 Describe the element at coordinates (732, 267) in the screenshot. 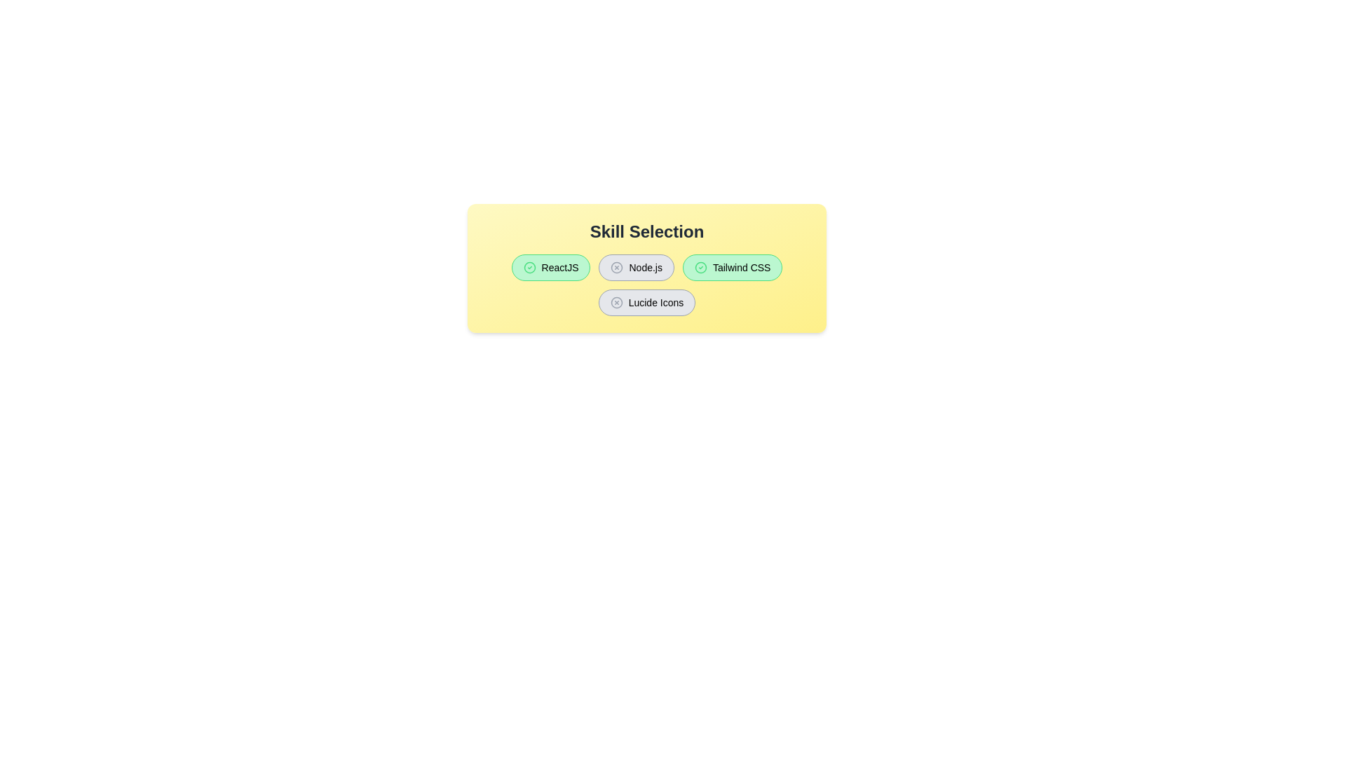

I see `the button labeled Tailwind CSS to observe the hover effect` at that location.